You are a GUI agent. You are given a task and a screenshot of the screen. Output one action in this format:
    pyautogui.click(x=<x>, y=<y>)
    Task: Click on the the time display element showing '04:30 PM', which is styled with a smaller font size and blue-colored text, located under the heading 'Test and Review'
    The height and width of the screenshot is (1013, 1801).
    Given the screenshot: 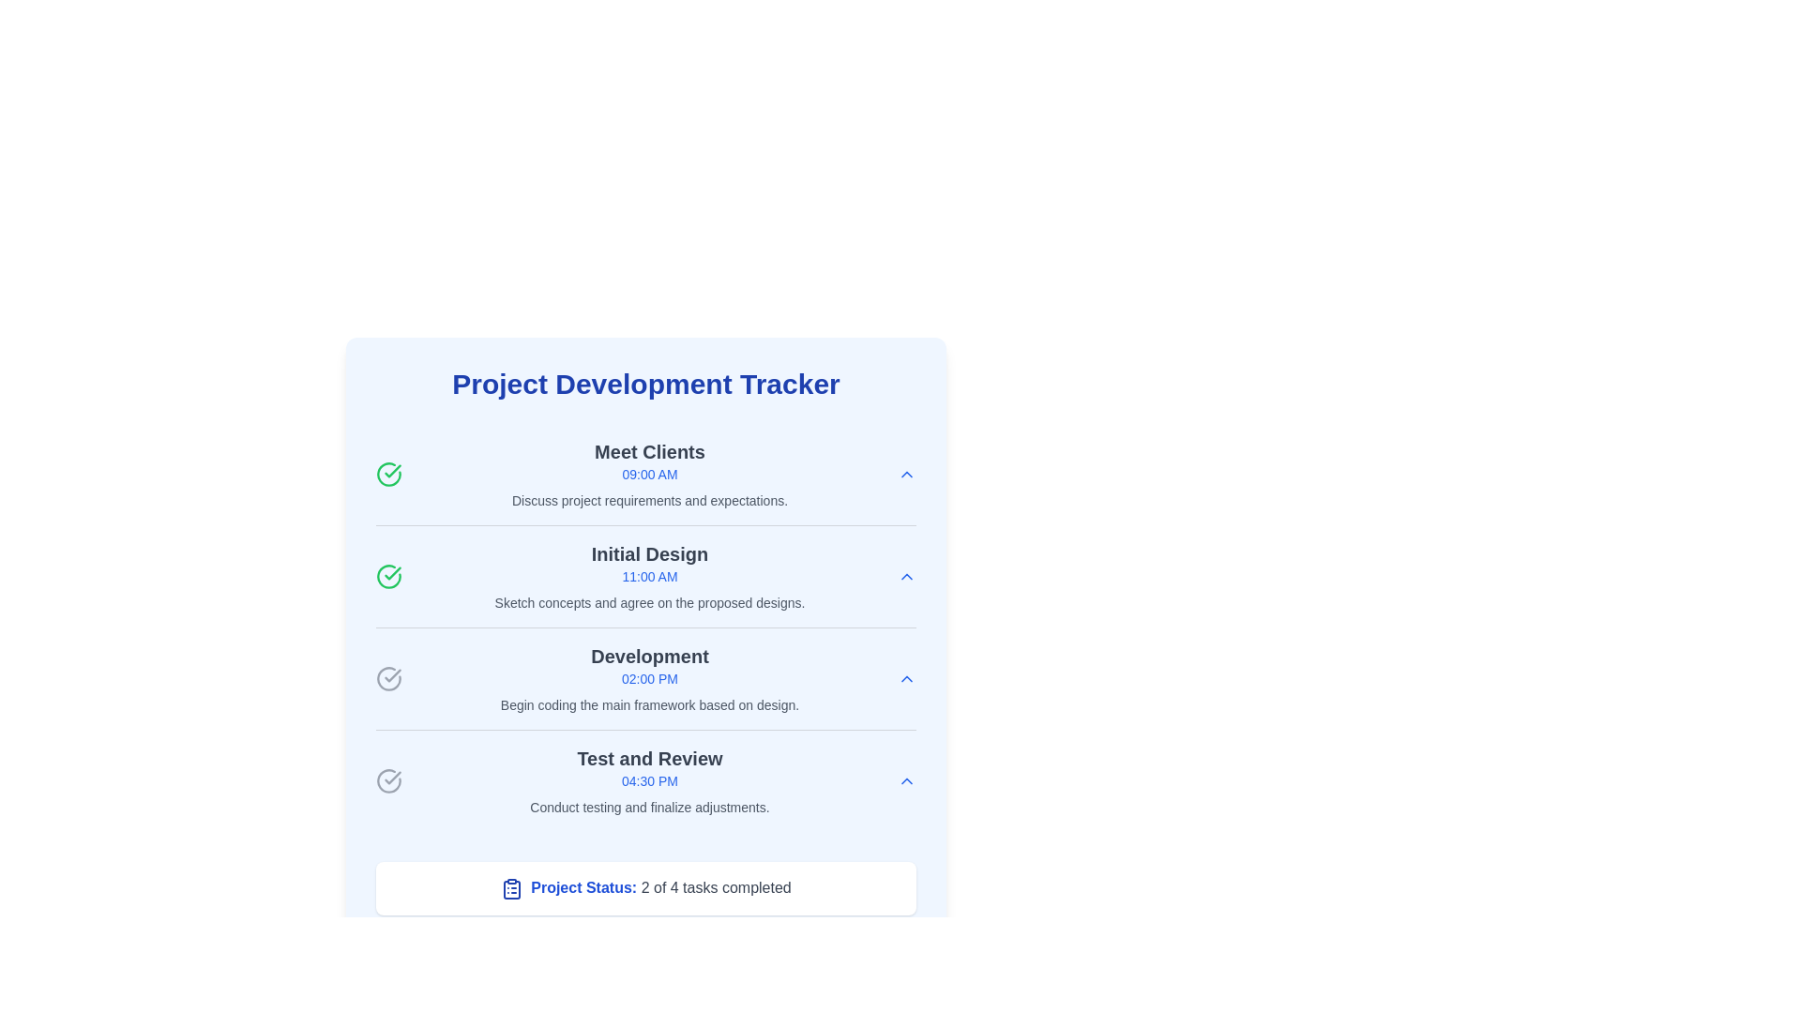 What is the action you would take?
    pyautogui.click(x=649, y=781)
    